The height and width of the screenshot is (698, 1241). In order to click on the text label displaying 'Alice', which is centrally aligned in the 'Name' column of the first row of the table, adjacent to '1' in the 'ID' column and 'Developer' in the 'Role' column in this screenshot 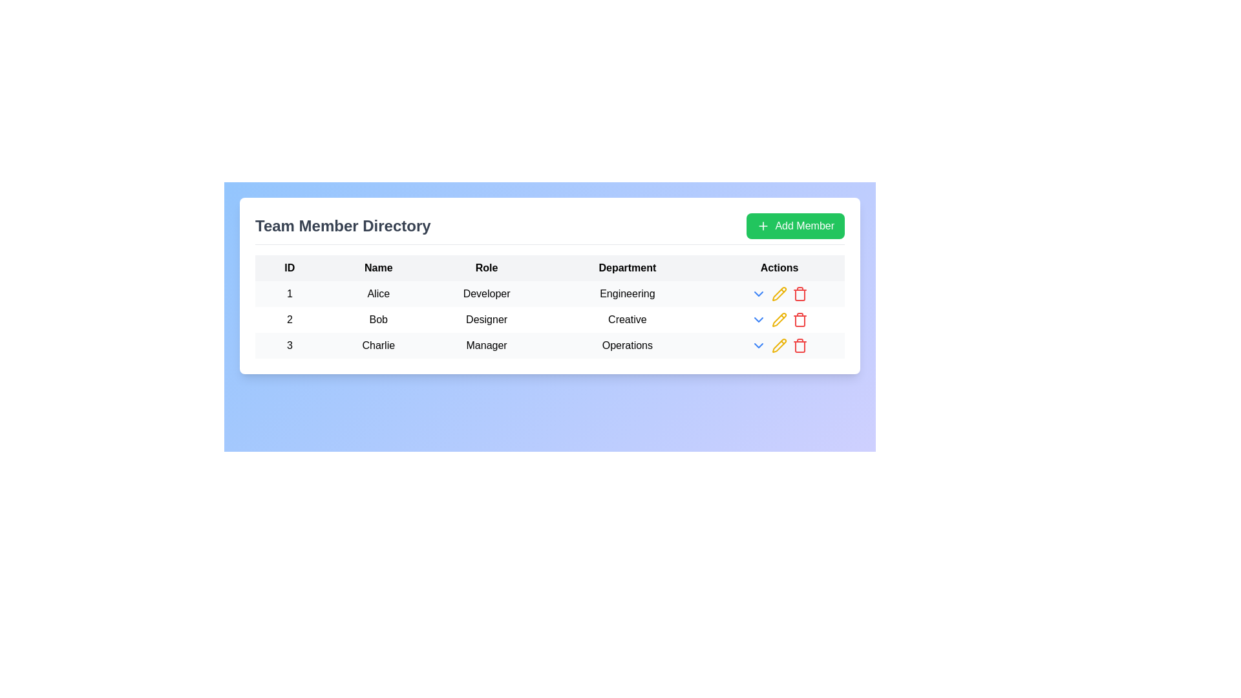, I will do `click(377, 294)`.